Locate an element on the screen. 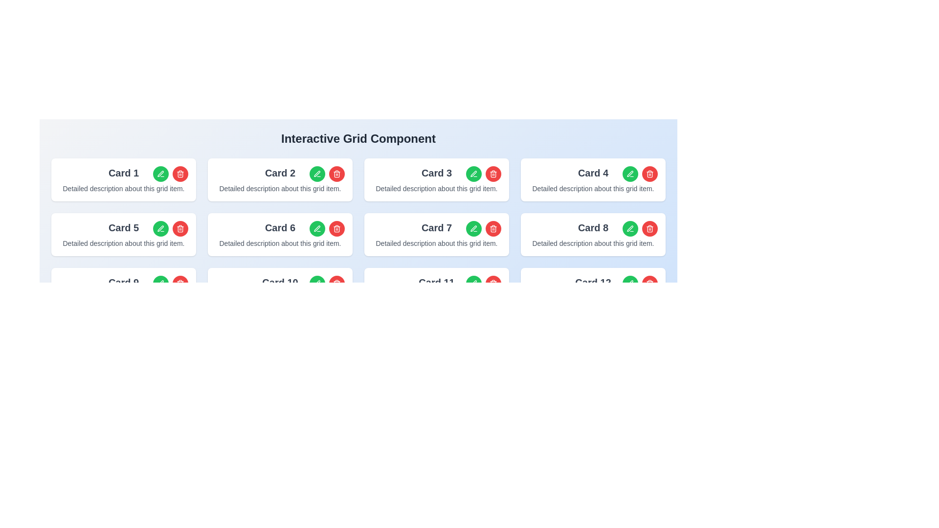 This screenshot has width=939, height=528. title and description of the sixth card in the 'Interactive Grid Component', located in the third column of the second row is located at coordinates (279, 234).